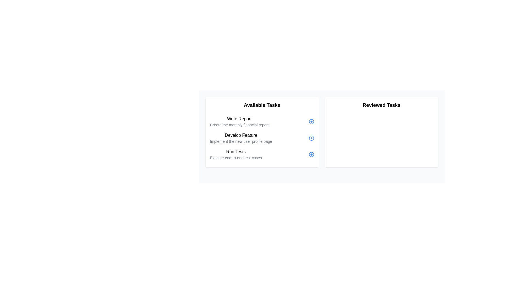 The width and height of the screenshot is (527, 296). What do you see at coordinates (381, 105) in the screenshot?
I see `the static text header that reads 'Reviewed Tasks', which is bold, large-sized, and centrally aligned at the top of the right-hand section of the interface` at bounding box center [381, 105].